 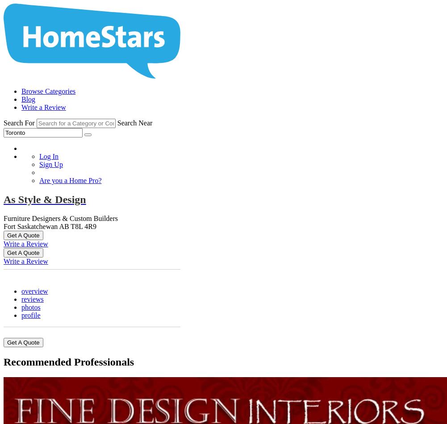 I want to click on 'Recommended Professionals', so click(x=68, y=361).